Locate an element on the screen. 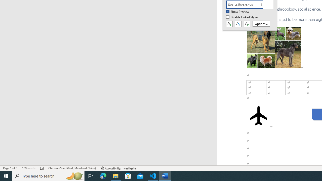 The width and height of the screenshot is (322, 181). 'Language Chinese (Simplified, Mainland China)' is located at coordinates (72, 168).